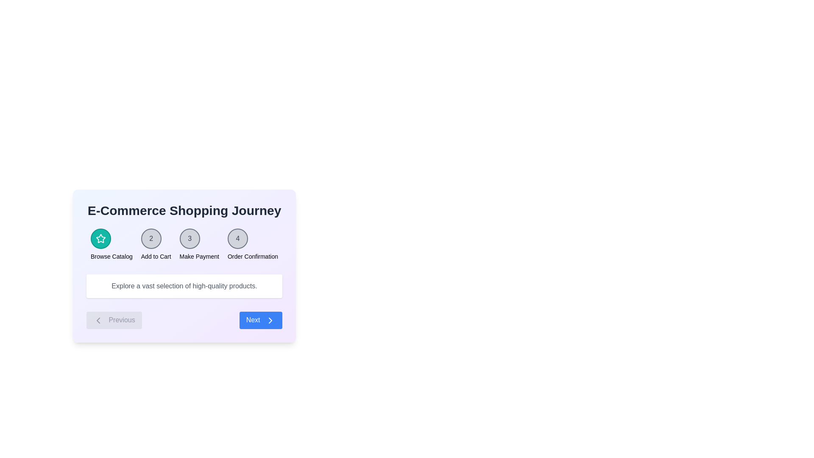 The image size is (814, 458). What do you see at coordinates (237, 239) in the screenshot?
I see `the circular progress button labeled '4', which has a light gray background and is the fourth in a sequence of step indicators` at bounding box center [237, 239].